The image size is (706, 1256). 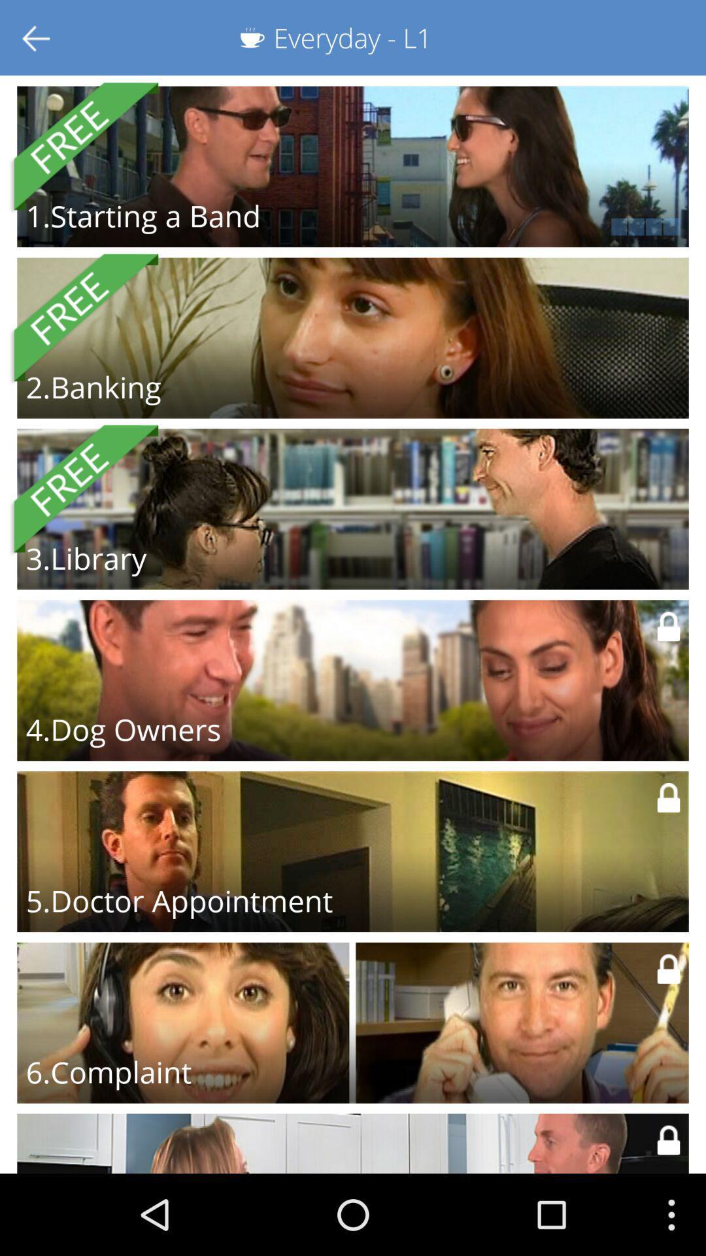 I want to click on 2.banking, so click(x=93, y=386).